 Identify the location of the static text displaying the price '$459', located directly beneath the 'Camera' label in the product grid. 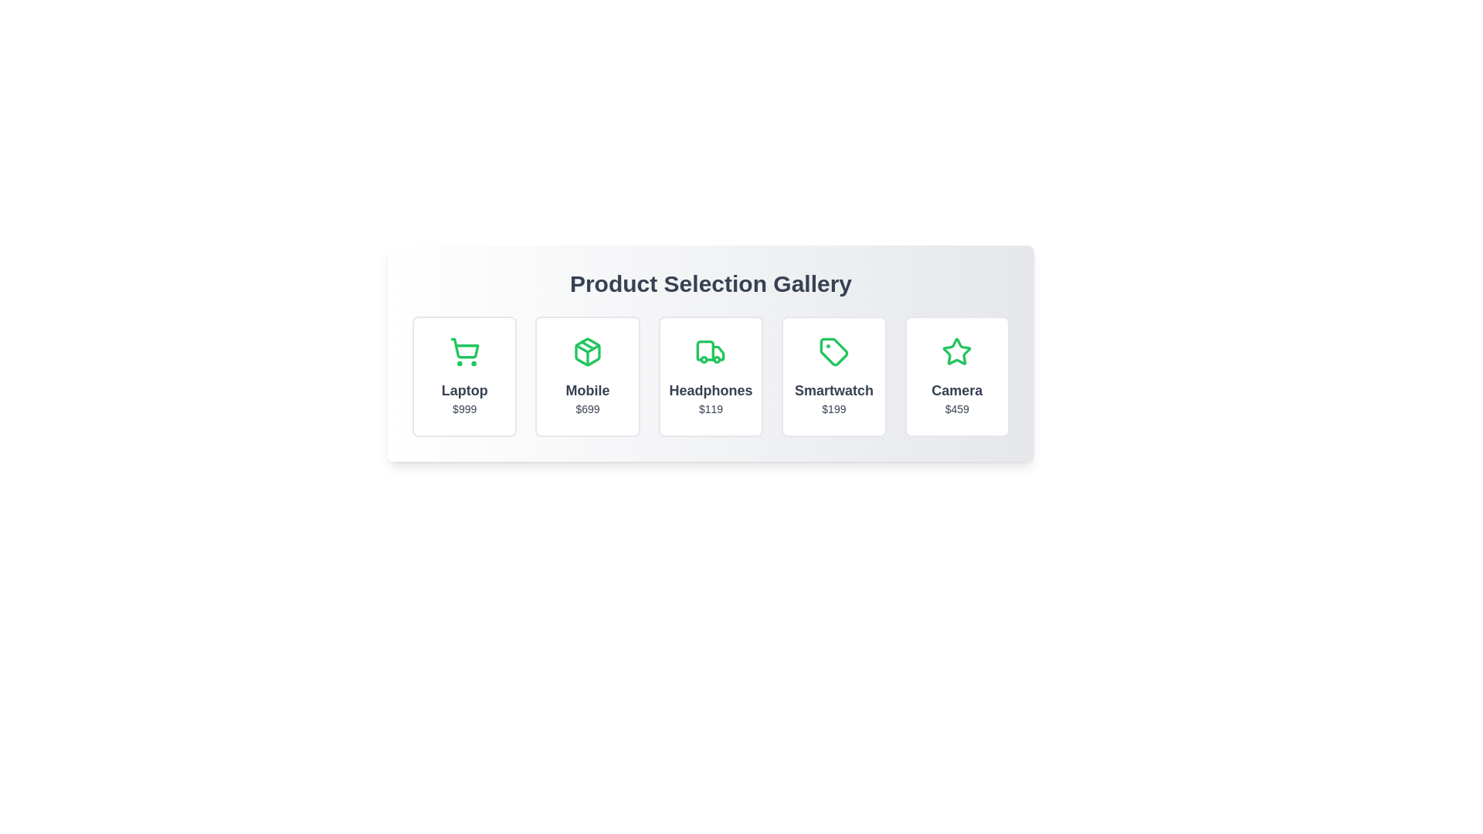
(956, 408).